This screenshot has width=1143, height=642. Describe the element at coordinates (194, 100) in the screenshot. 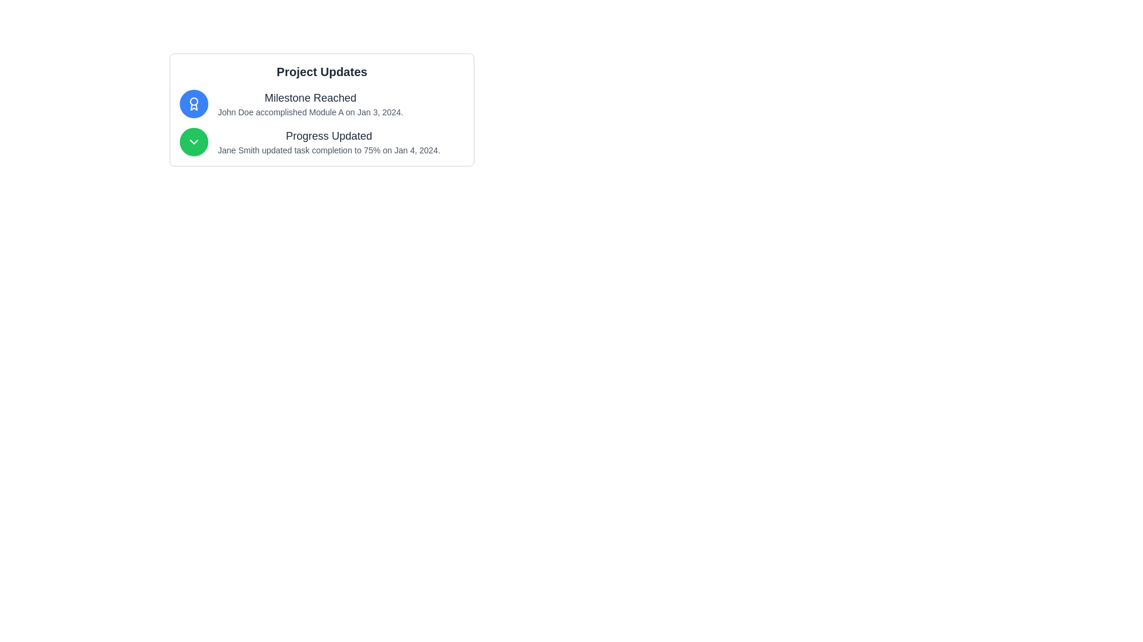

I see `the central circular SVG element with a blue border that is part of the award icon in the notification labeled 'Milestone Reached'` at that location.